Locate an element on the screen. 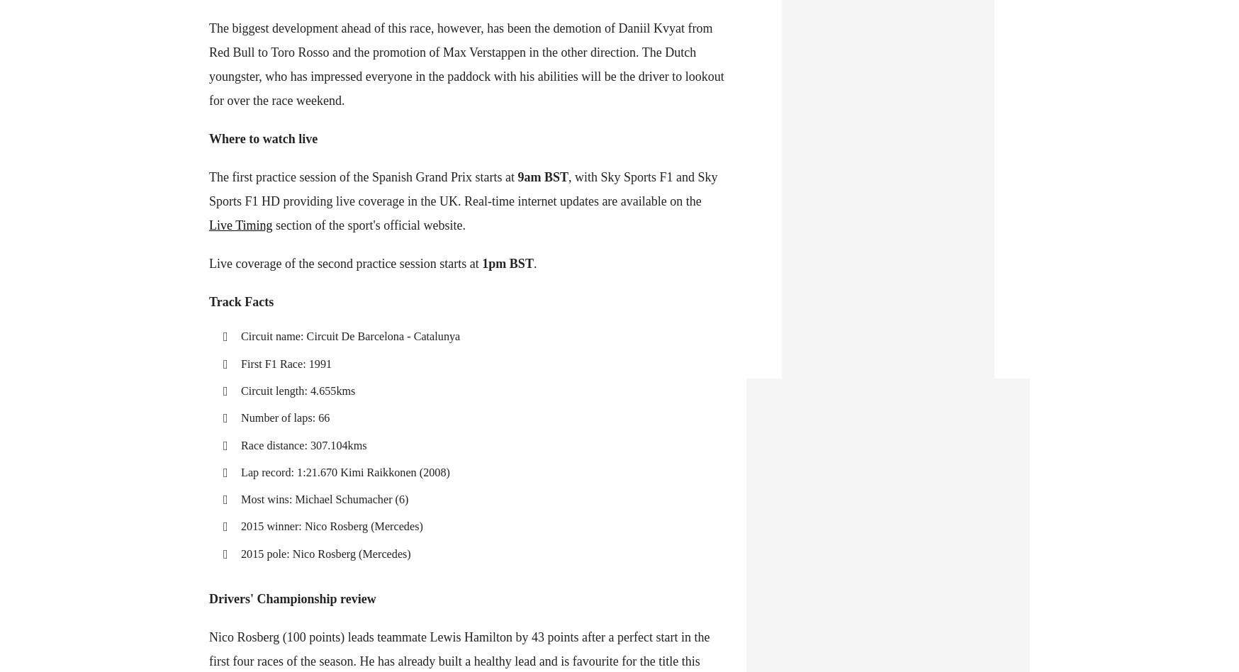 The height and width of the screenshot is (672, 1239). '2015 pole: Nico Rosberg (Mercedes)' is located at coordinates (325, 553).